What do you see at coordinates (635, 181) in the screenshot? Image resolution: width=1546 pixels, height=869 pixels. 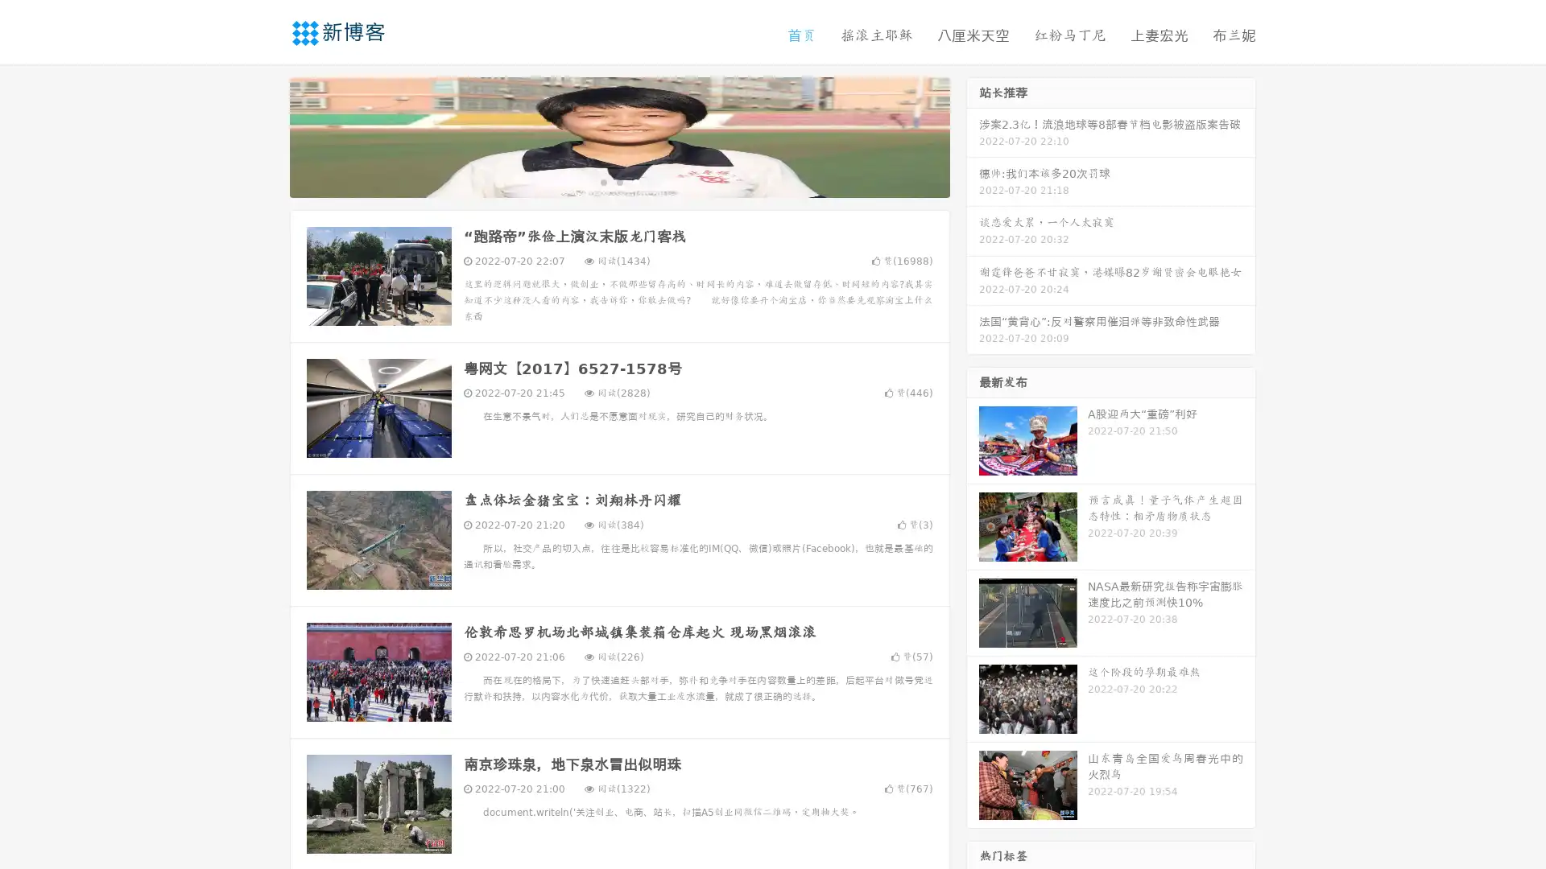 I see `Go to slide 3` at bounding box center [635, 181].